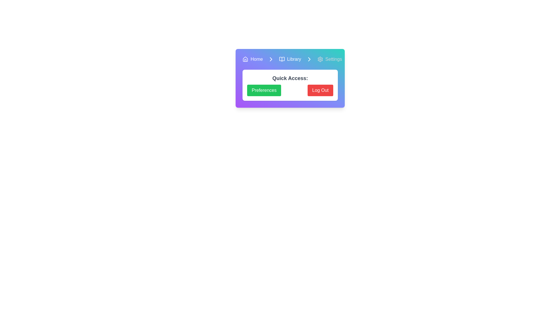  I want to click on the 'Settings' navigation item, which is represented by a cogwheel icon and is the last item in the navigation bar, so click(329, 59).